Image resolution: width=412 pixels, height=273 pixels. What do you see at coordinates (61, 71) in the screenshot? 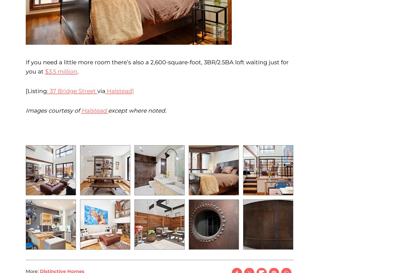
I see `'$3.5 million'` at bounding box center [61, 71].